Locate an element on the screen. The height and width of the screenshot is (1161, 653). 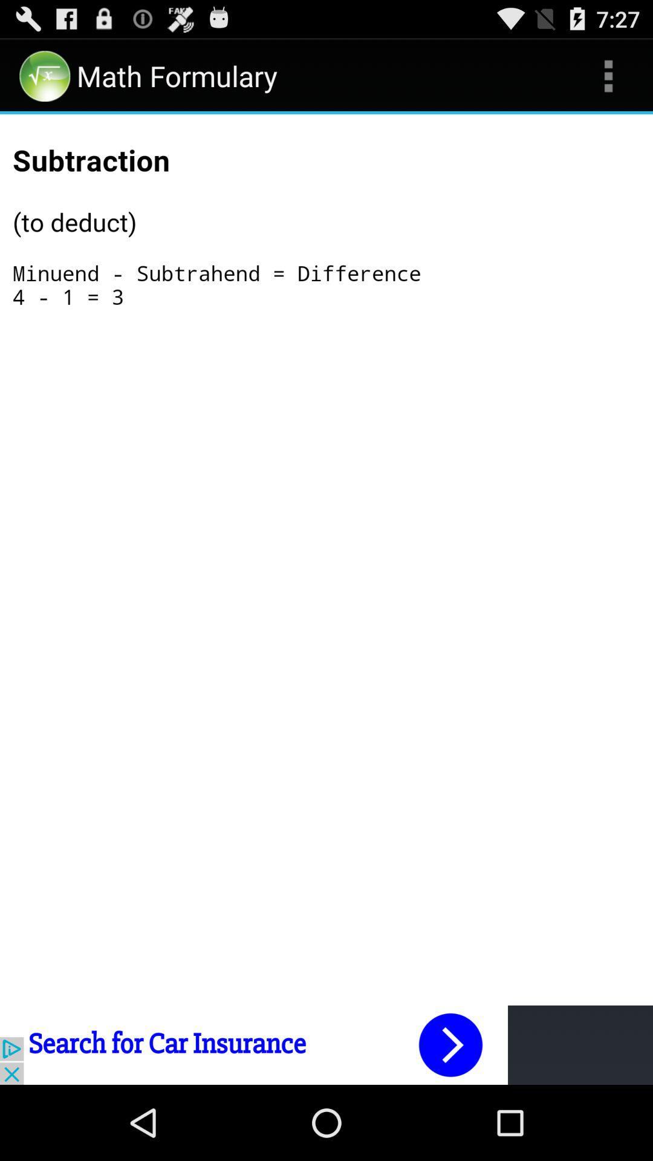
advertisement link is located at coordinates (326, 1044).